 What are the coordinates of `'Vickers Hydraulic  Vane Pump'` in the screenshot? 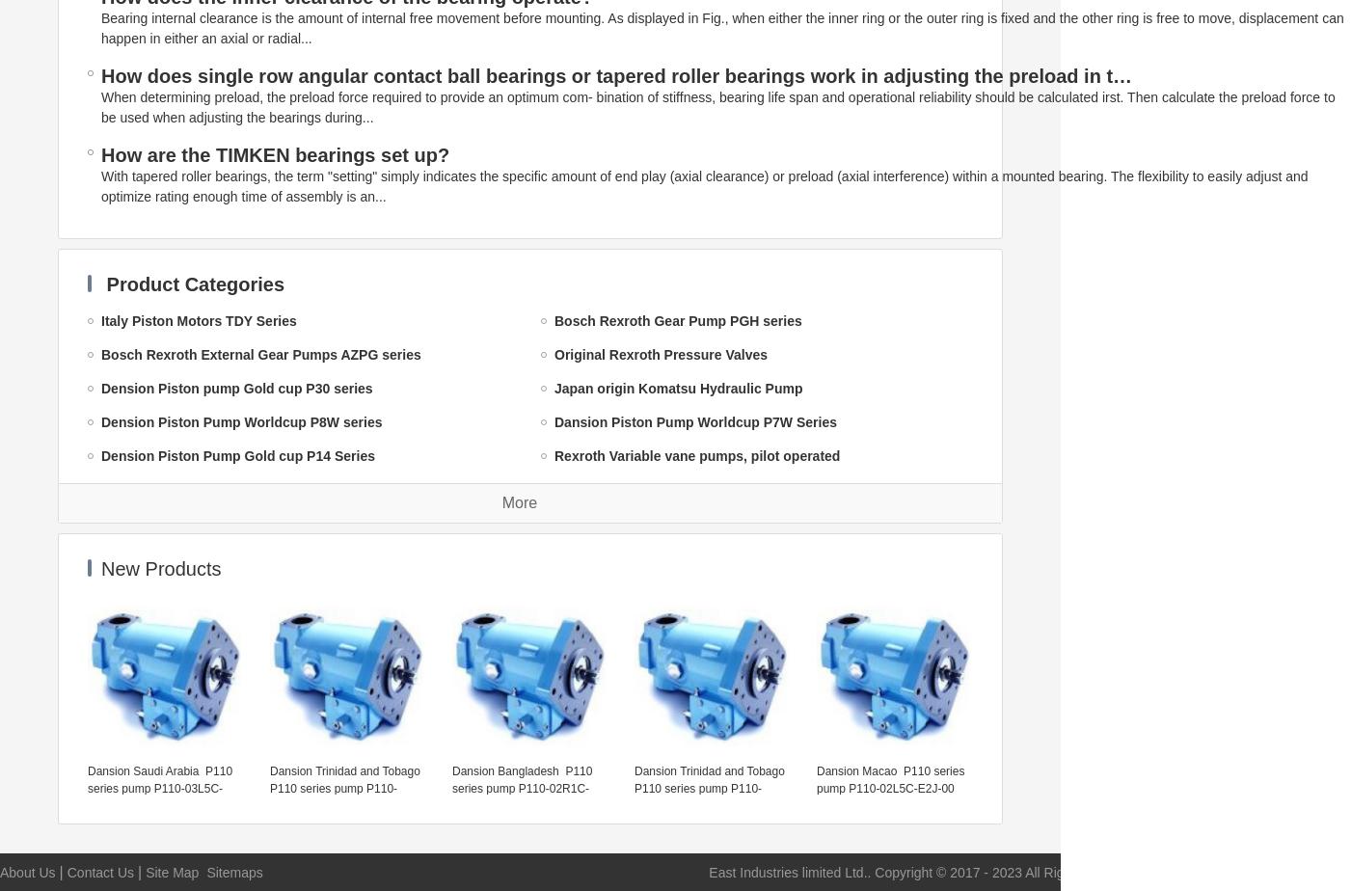 It's located at (648, 524).